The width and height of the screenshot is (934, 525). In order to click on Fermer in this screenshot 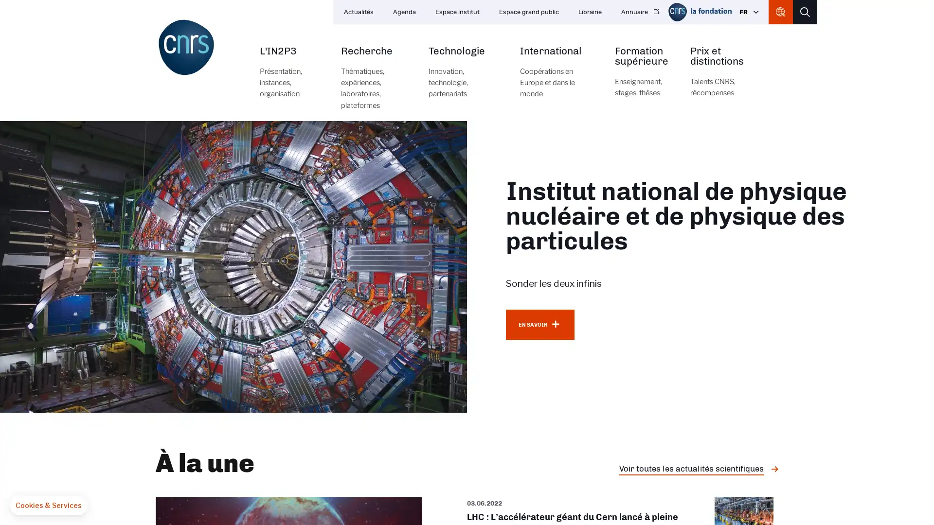, I will do `click(48, 504)`.